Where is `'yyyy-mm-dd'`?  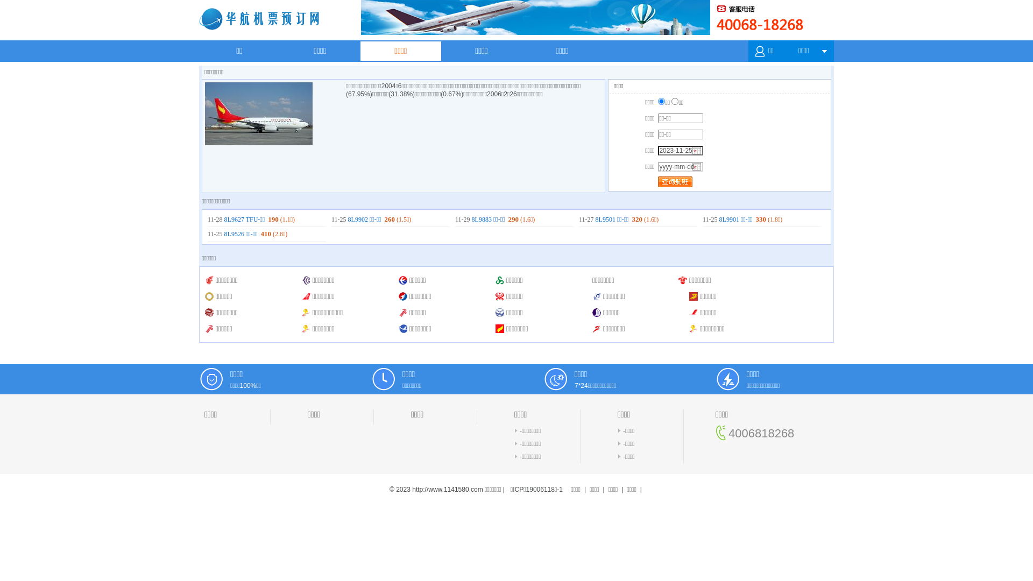 'yyyy-mm-dd' is located at coordinates (680, 166).